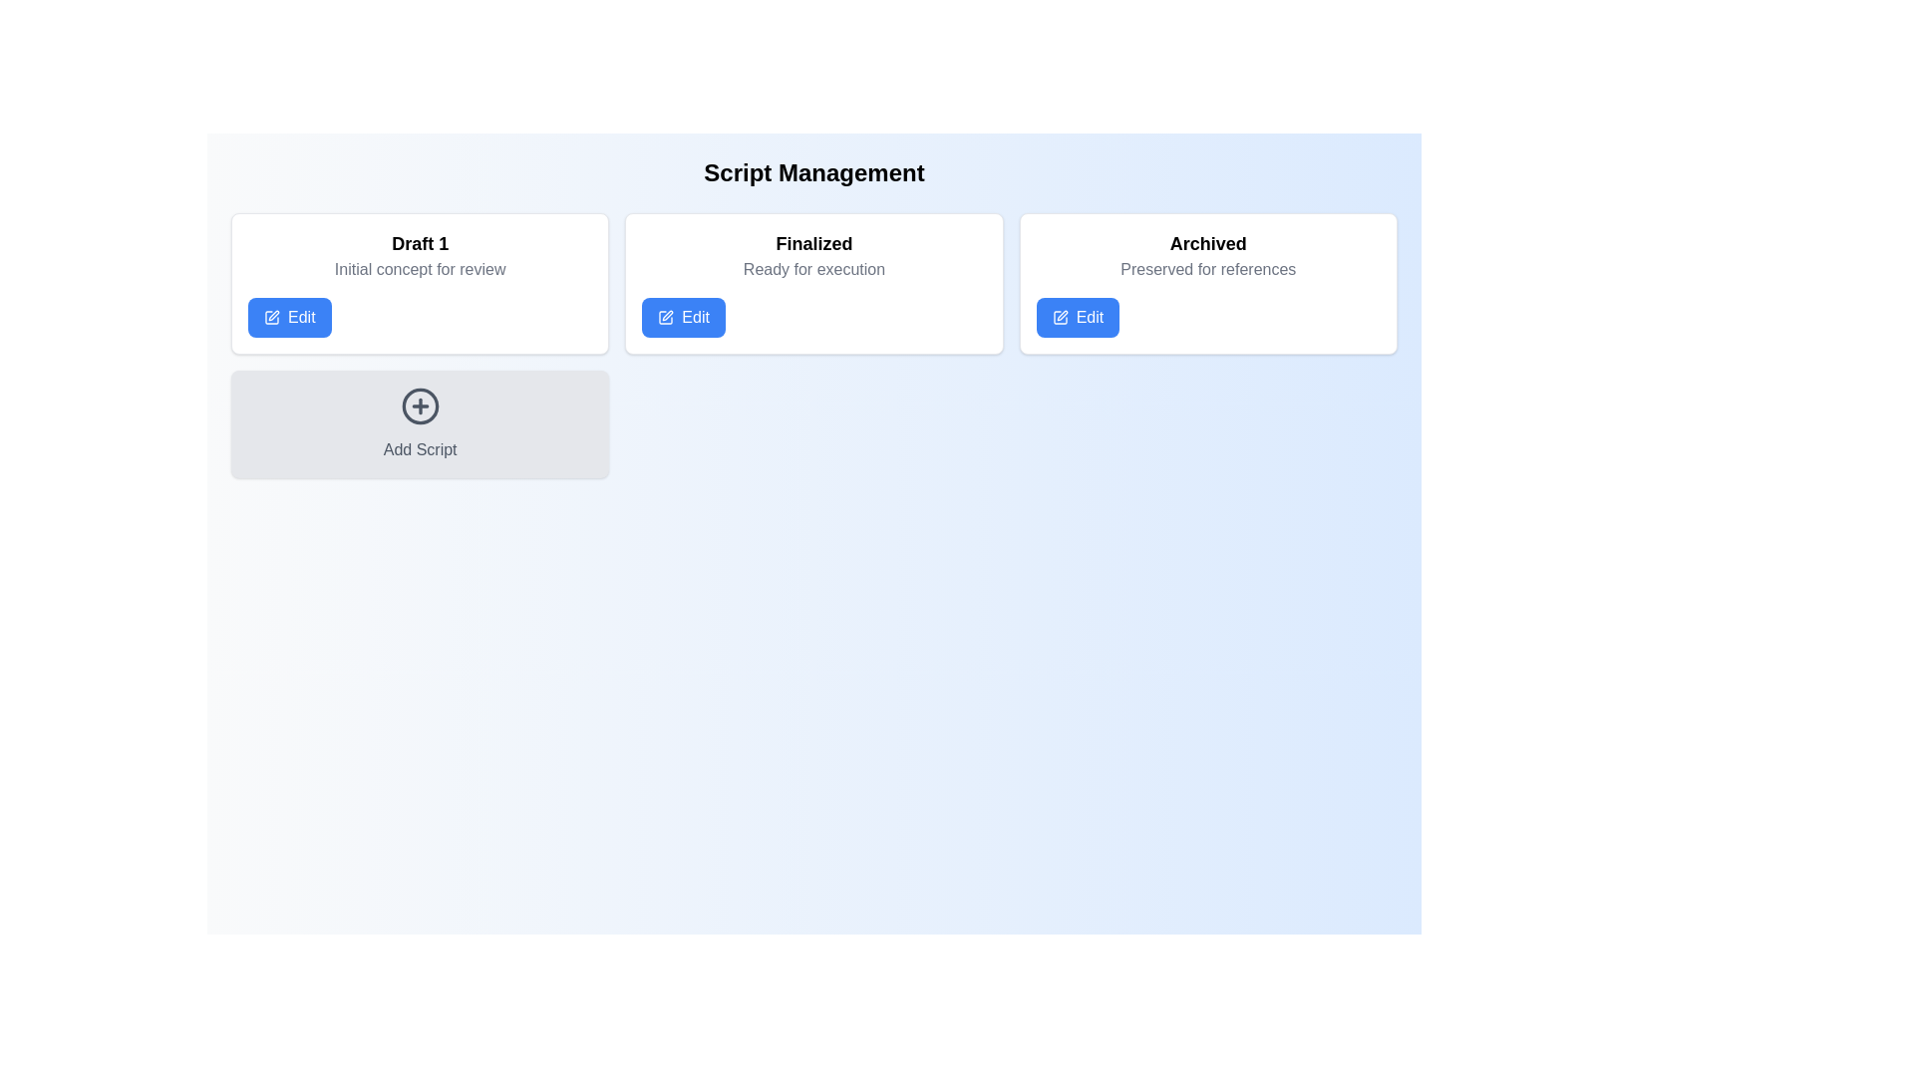 The height and width of the screenshot is (1076, 1914). What do you see at coordinates (419, 269) in the screenshot?
I see `the text label element that reads 'Initial concept for review', which is styled in gray and positioned directly below 'Draft 1' within the card-like structure` at bounding box center [419, 269].